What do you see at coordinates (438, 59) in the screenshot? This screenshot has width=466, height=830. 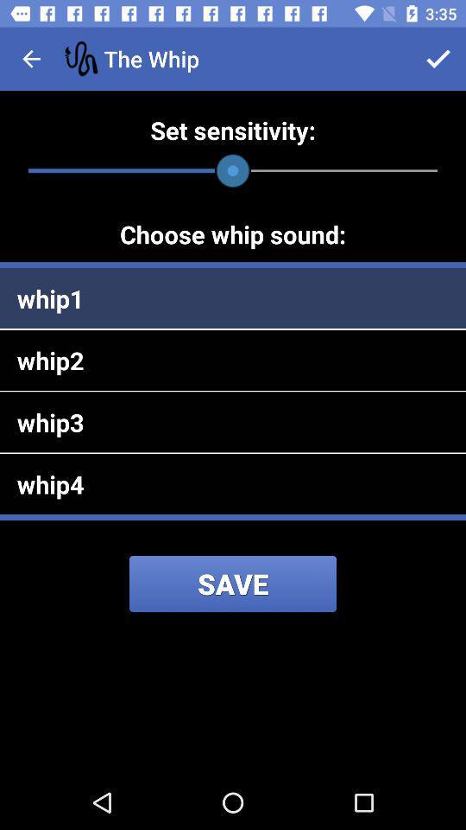 I see `app to the right of the whip` at bounding box center [438, 59].